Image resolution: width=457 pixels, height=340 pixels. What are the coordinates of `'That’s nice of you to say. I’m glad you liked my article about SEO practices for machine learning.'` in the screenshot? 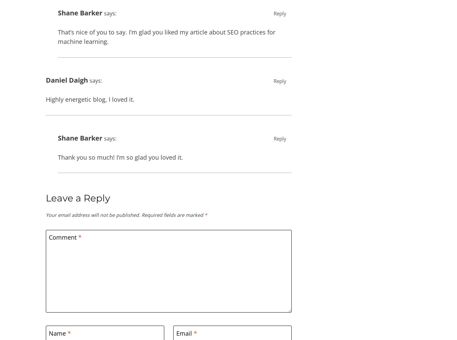 It's located at (167, 36).